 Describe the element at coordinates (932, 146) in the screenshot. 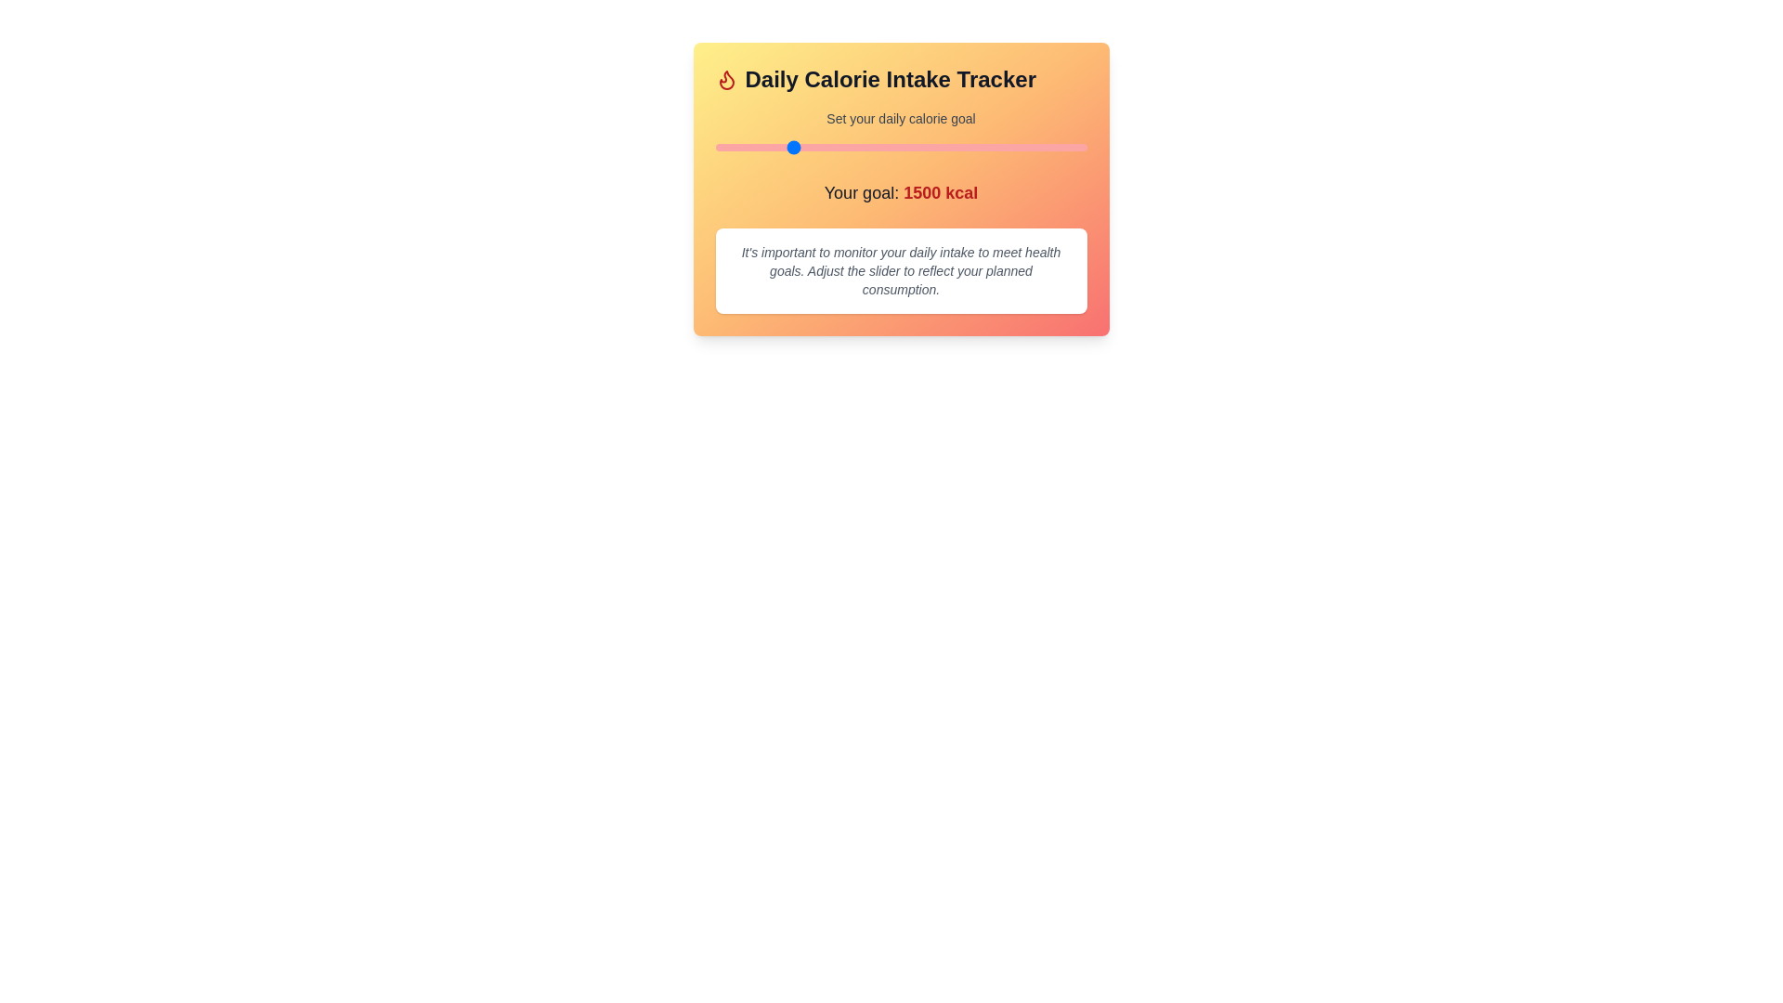

I see `the calorie goal slider to a value of 2464` at that location.